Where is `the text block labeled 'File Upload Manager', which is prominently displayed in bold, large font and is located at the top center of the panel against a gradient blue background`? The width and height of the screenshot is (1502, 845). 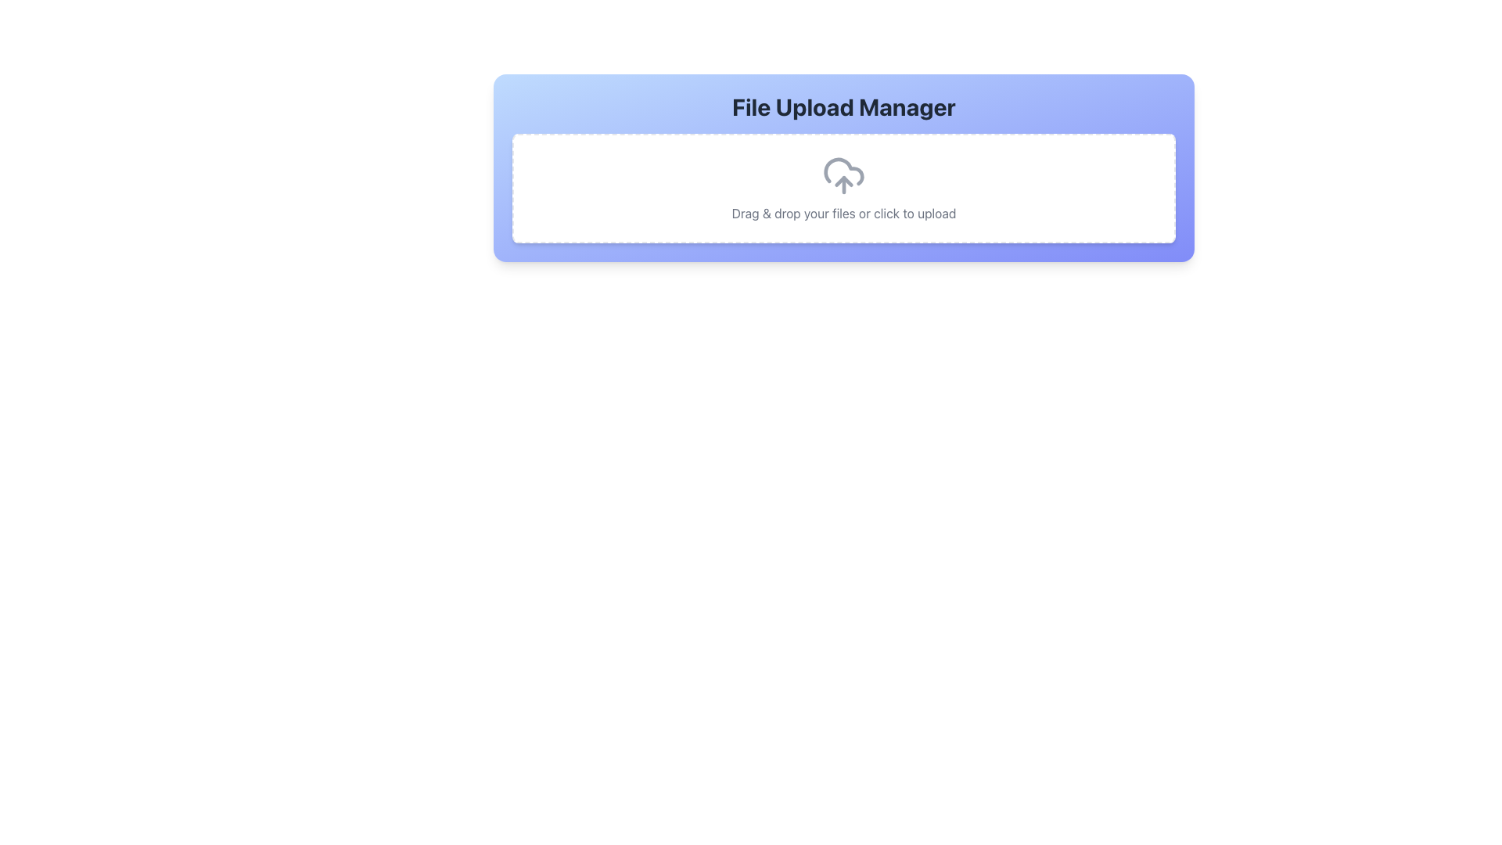
the text block labeled 'File Upload Manager', which is prominently displayed in bold, large font and is located at the top center of the panel against a gradient blue background is located at coordinates (843, 106).